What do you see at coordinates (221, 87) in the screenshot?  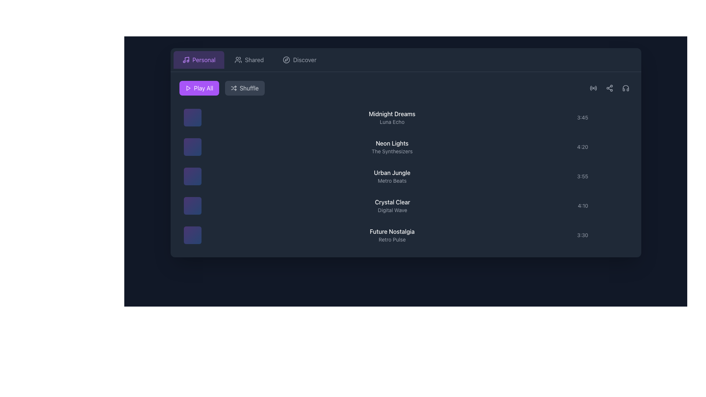 I see `the 'Shuffle' button, which is the right interactive button in the group styled with a gray background and light gray text` at bounding box center [221, 87].